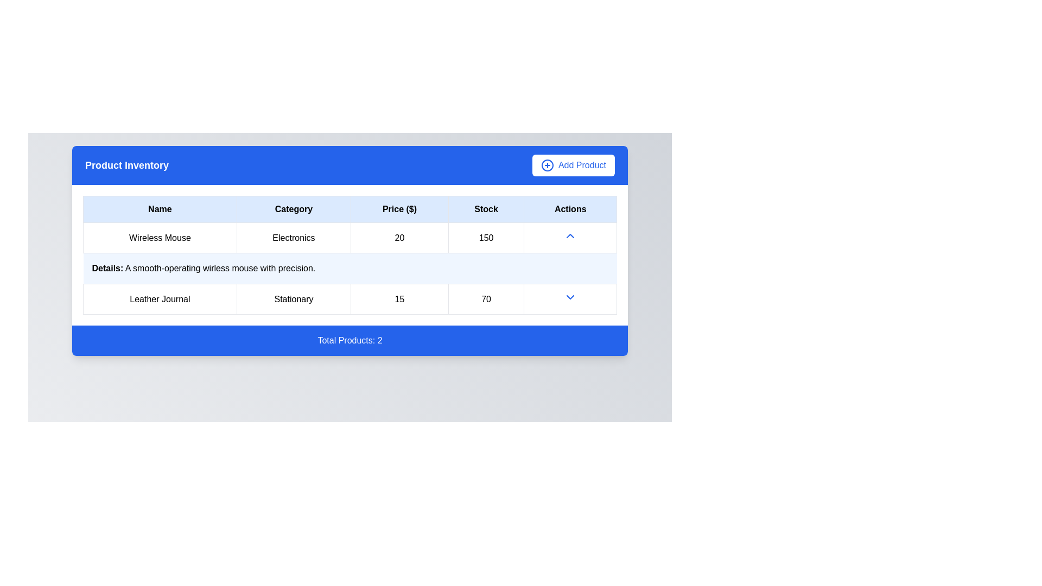  I want to click on the text display element labeled 'Stationary', which is the second cell in a row of a grid structure, positioned between 'Leather Journal' and '15', so click(294, 299).